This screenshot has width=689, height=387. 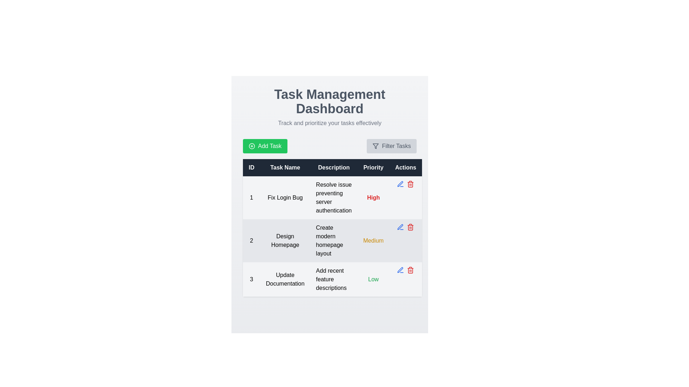 What do you see at coordinates (411, 183) in the screenshot?
I see `the red trash bin icon button, which is the last element in the 'Actions' column of the first row of the table` at bounding box center [411, 183].